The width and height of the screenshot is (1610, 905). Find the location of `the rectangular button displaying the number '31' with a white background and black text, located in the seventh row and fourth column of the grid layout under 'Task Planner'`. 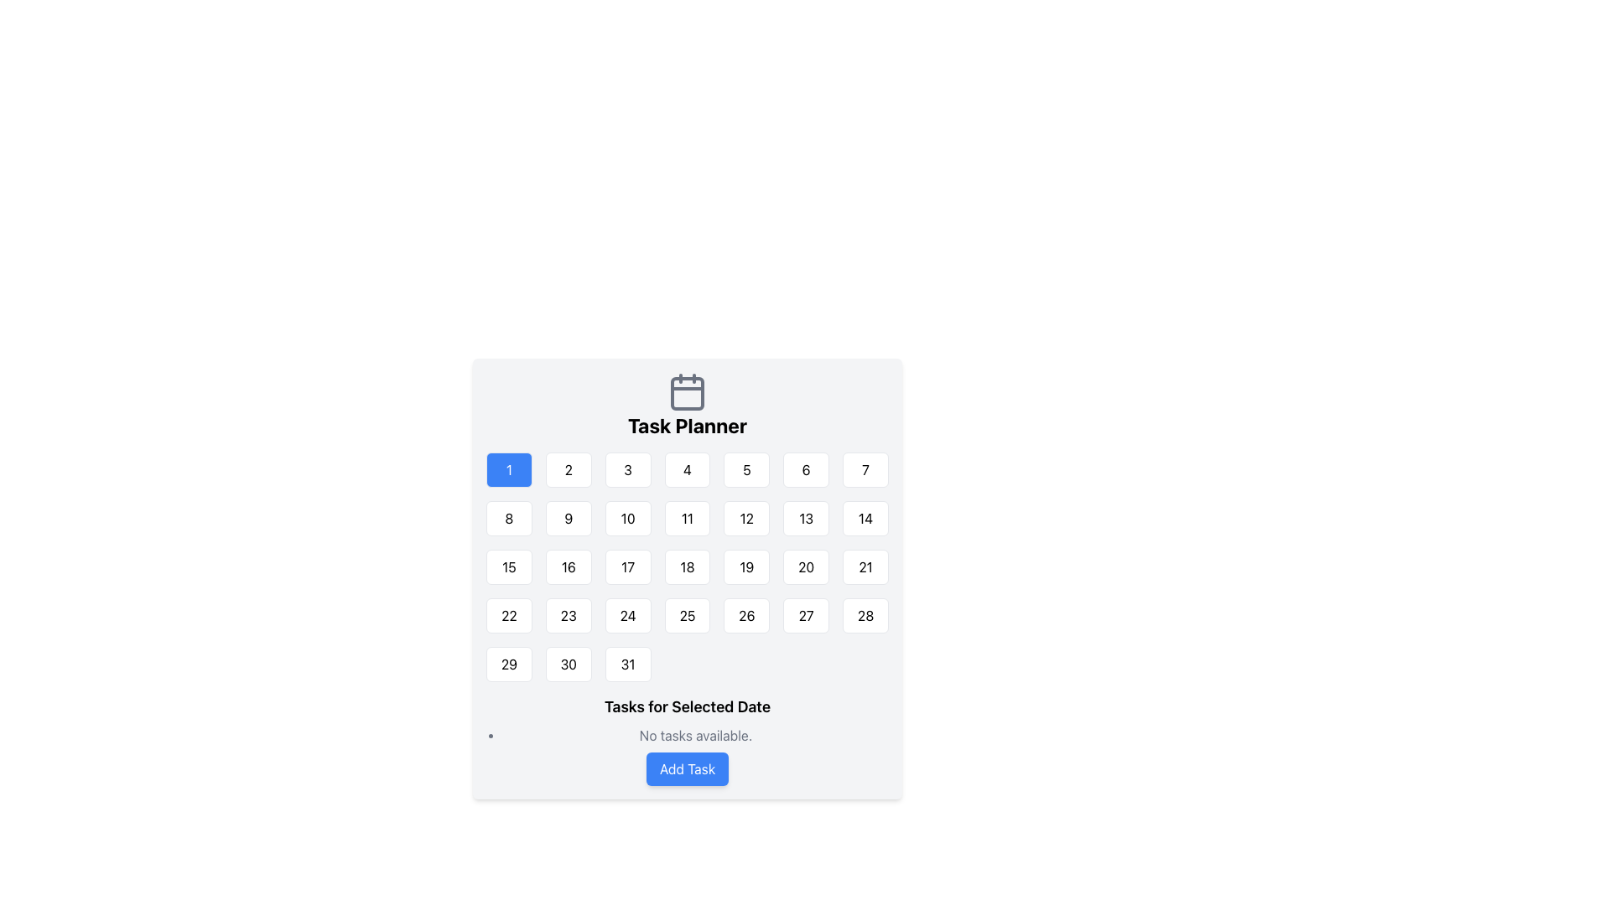

the rectangular button displaying the number '31' with a white background and black text, located in the seventh row and fourth column of the grid layout under 'Task Planner' is located at coordinates (627, 664).